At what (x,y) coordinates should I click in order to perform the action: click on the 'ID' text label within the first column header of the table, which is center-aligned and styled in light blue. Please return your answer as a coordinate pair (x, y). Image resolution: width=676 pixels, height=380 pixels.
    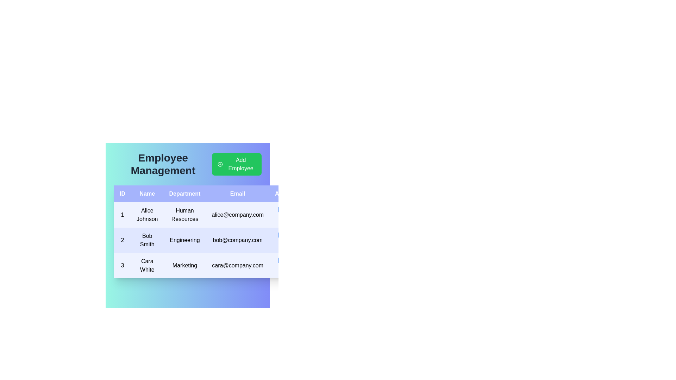
    Looking at the image, I should click on (122, 194).